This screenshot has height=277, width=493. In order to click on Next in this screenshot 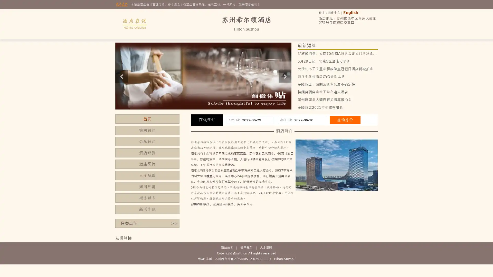, I will do `click(285, 76)`.